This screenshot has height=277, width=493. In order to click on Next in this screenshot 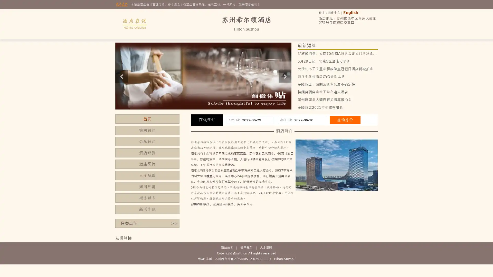, I will do `click(285, 76)`.